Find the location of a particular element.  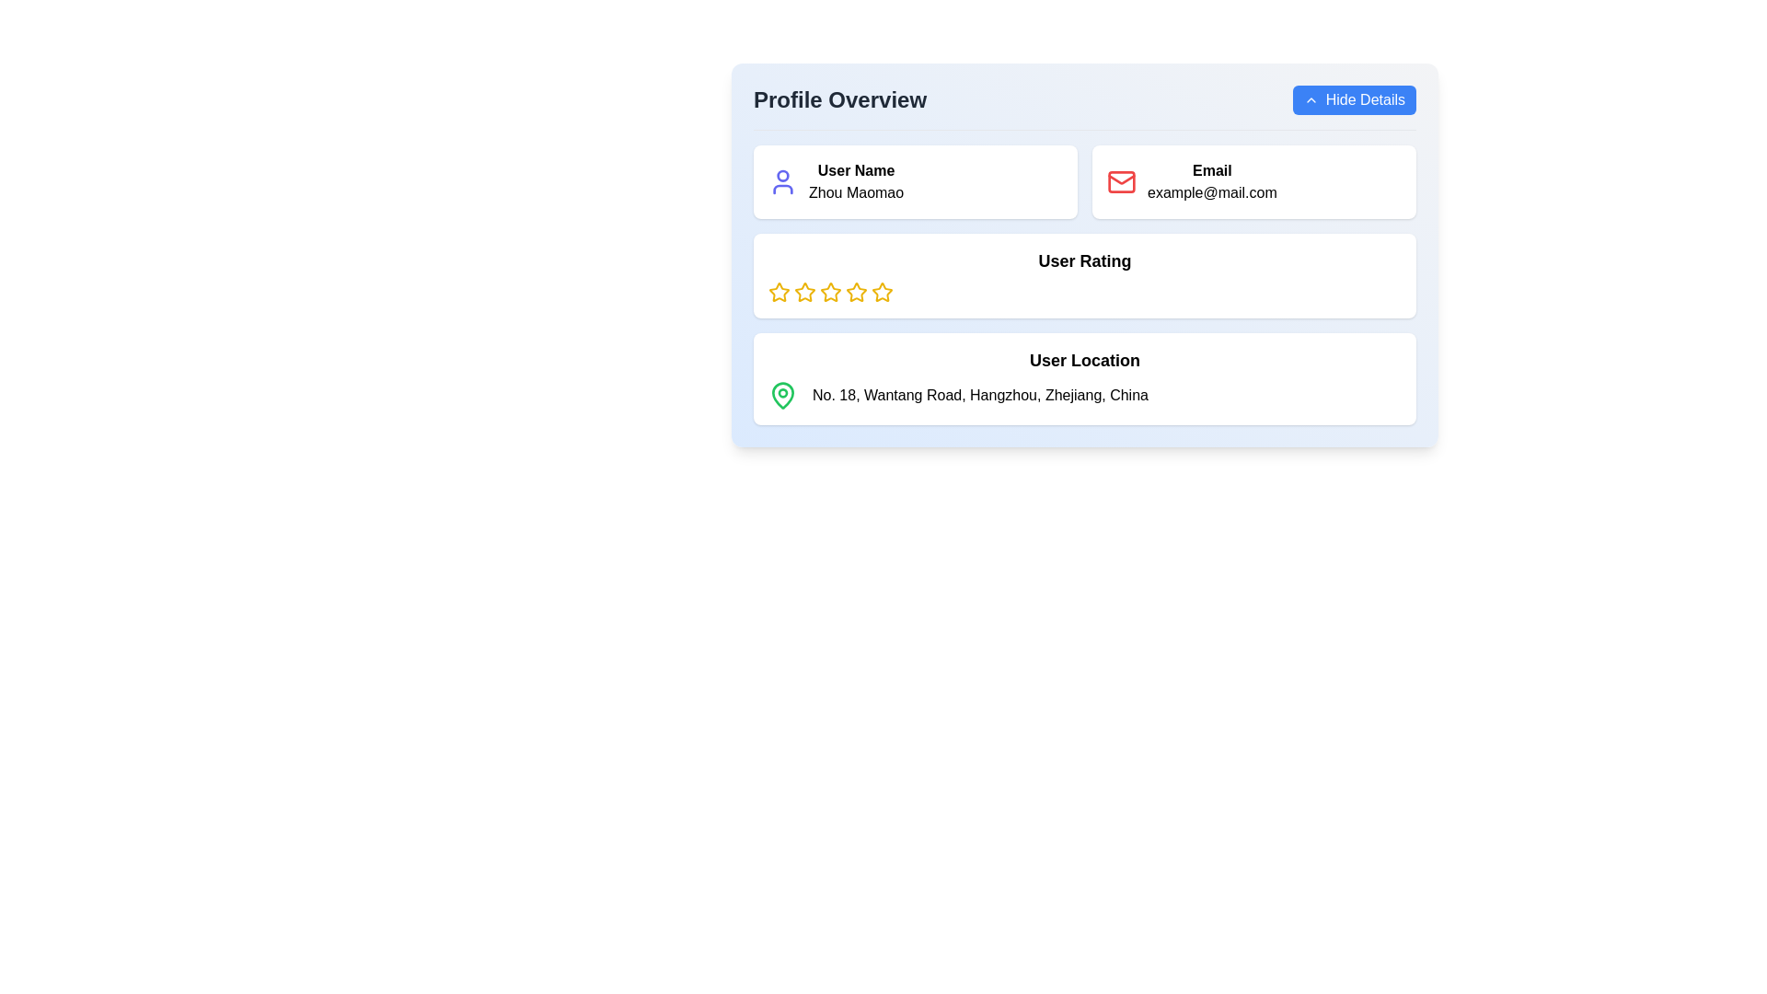

the user icon located at the top left of the section containing the text 'User Name Zhou Maomao' for further actions is located at coordinates (782, 181).